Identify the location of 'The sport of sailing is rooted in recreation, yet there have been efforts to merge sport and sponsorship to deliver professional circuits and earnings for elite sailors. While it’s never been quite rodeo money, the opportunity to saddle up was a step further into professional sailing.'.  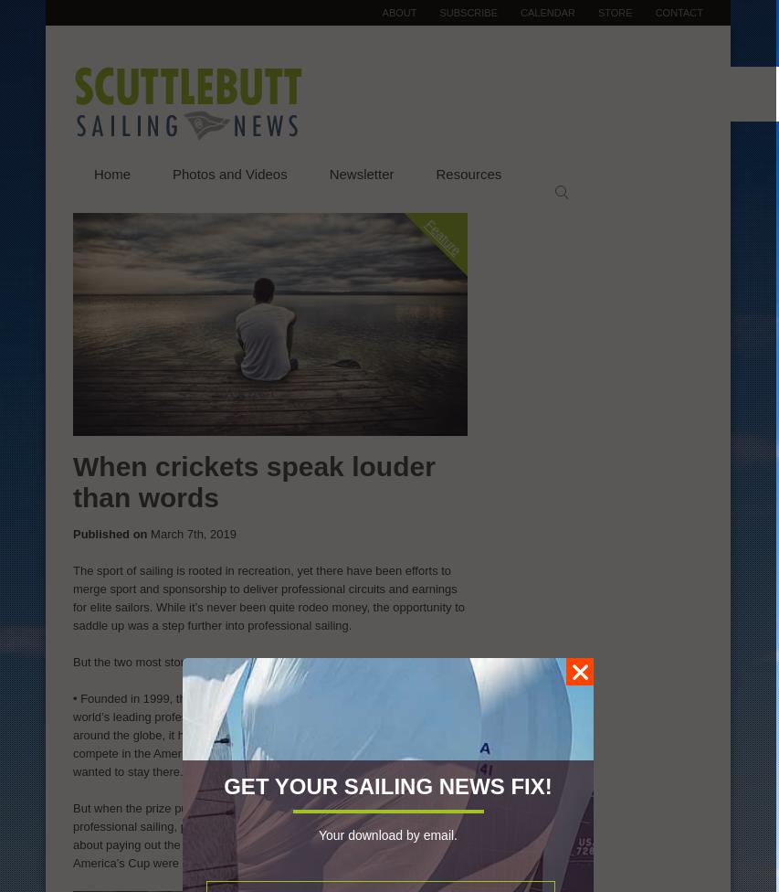
(72, 597).